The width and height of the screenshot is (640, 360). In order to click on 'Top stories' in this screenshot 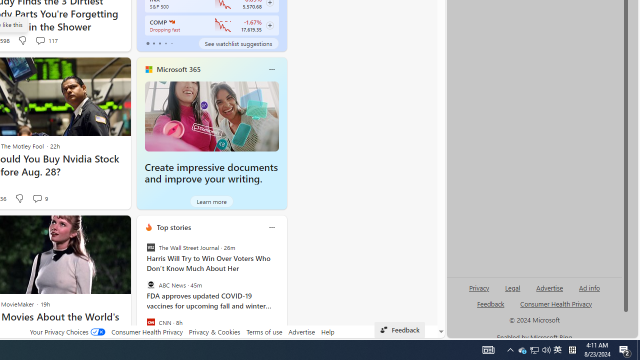, I will do `click(174, 227)`.